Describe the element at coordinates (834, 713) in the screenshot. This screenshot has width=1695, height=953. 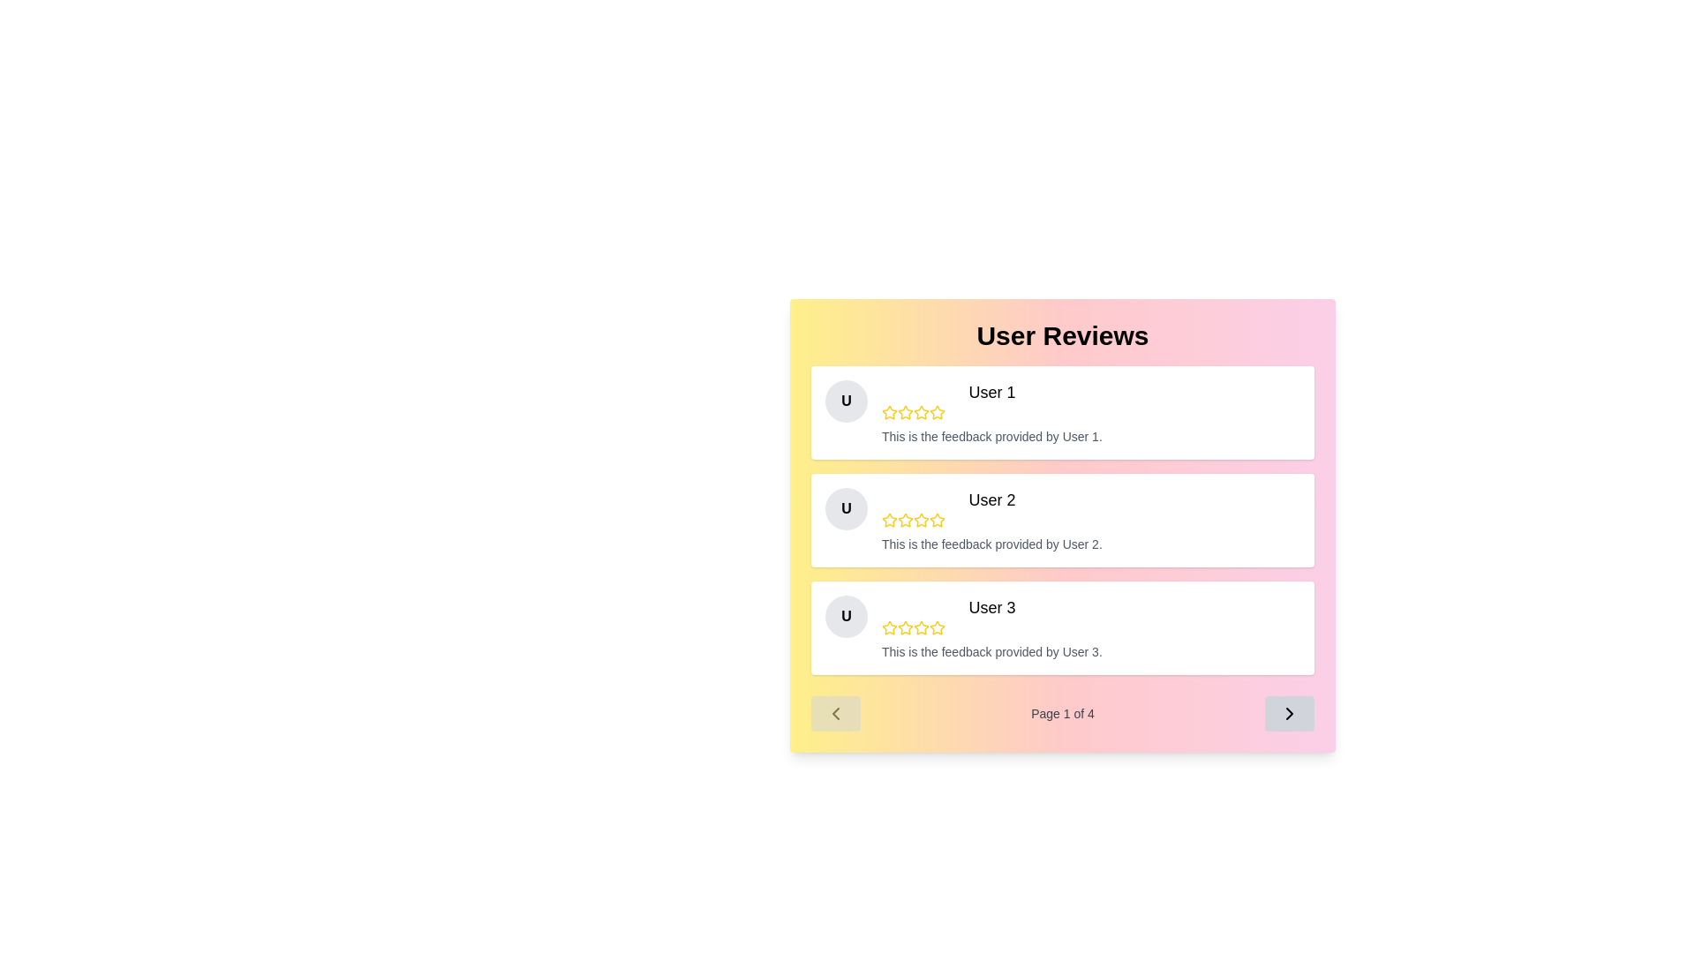
I see `the Icon button (chevron left) located at the bottom-left section of the user reviews panel` at that location.